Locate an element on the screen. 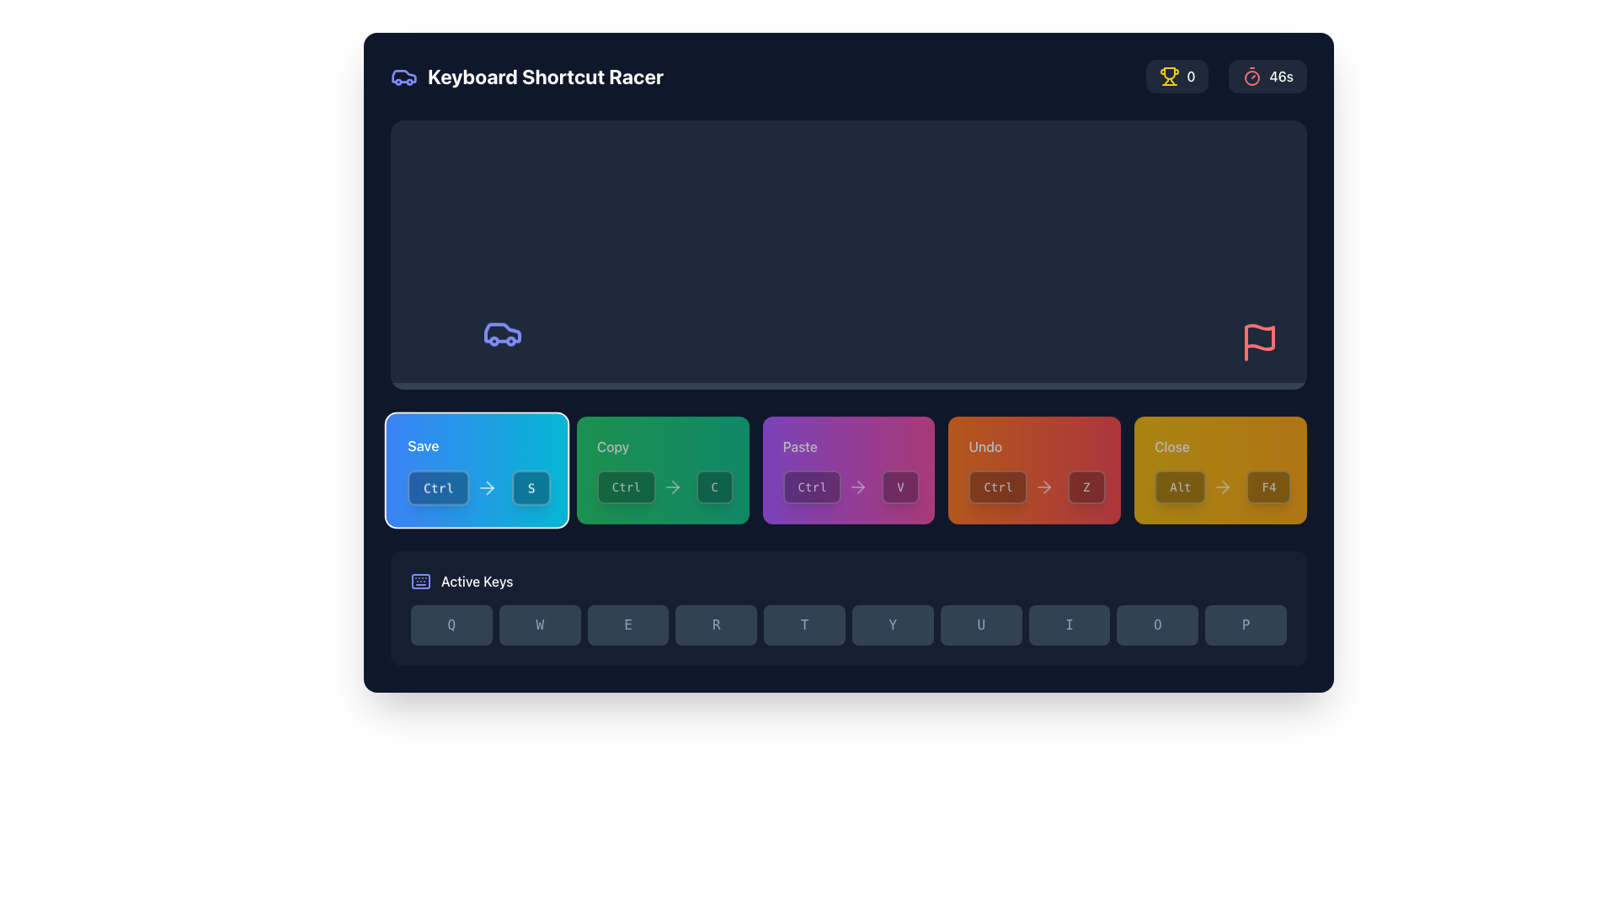 This screenshot has height=909, width=1617. the transition icon representing the flow from 'Ctrl' to 'V' in the keyboard shortcut instruction for accessibility purposes is located at coordinates (858, 486).